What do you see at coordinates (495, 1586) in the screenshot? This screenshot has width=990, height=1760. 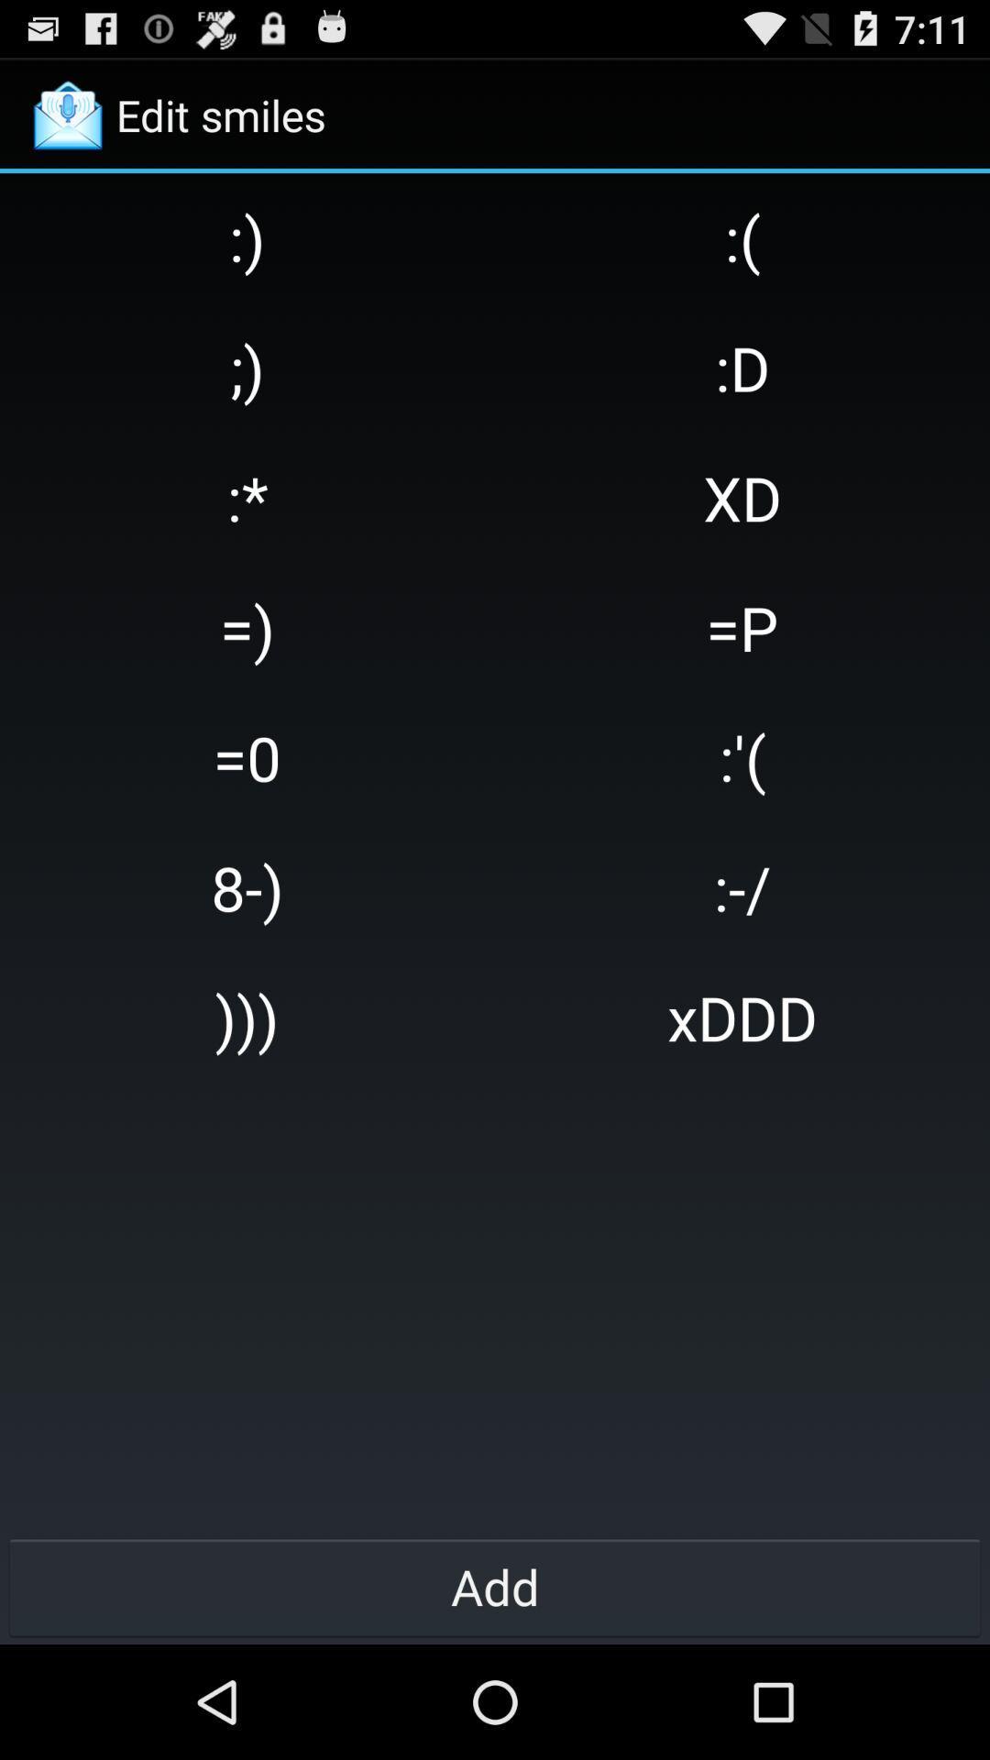 I see `the app below the )))` at bounding box center [495, 1586].